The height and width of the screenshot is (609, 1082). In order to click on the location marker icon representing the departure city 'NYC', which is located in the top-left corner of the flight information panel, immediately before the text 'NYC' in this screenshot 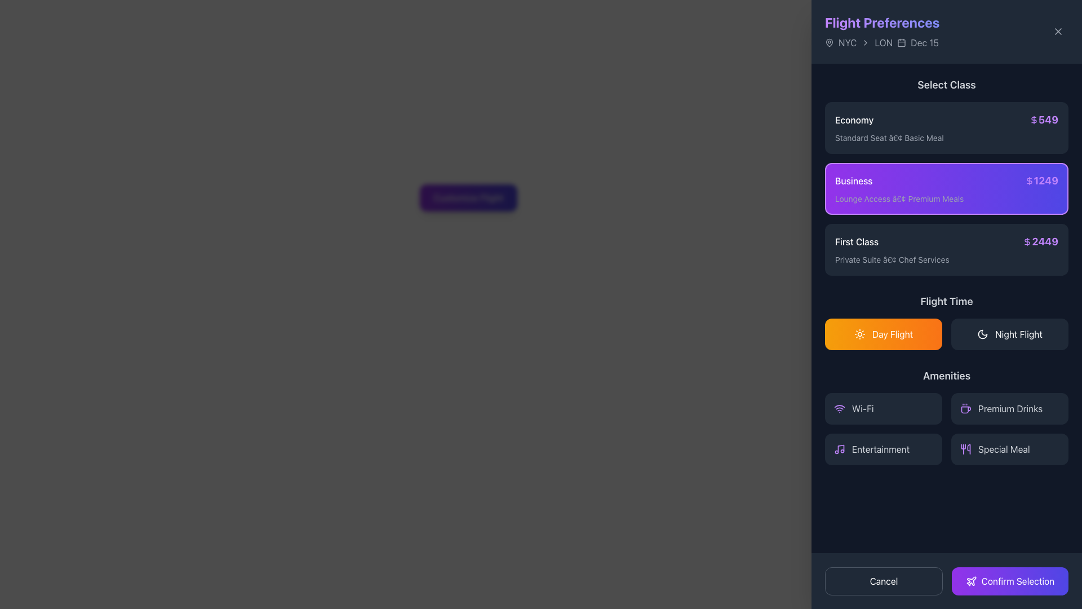, I will do `click(830, 41)`.